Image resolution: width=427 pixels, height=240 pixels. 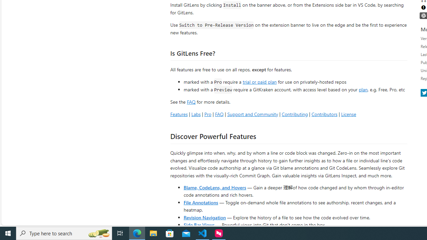 What do you see at coordinates (64, 233) in the screenshot?
I see `'Type here to search'` at bounding box center [64, 233].